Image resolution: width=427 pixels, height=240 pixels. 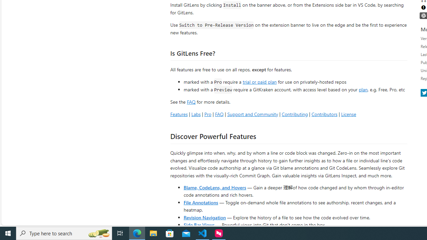 What do you see at coordinates (64, 233) in the screenshot?
I see `'Type here to search'` at bounding box center [64, 233].